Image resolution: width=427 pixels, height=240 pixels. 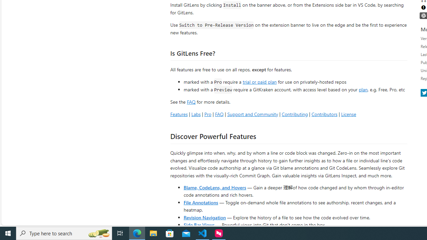 What do you see at coordinates (64, 233) in the screenshot?
I see `'Type here to search'` at bounding box center [64, 233].